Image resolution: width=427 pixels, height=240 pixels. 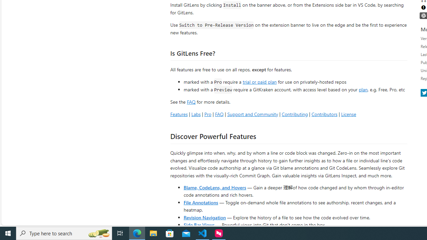 What do you see at coordinates (64, 233) in the screenshot?
I see `'Type here to search'` at bounding box center [64, 233].